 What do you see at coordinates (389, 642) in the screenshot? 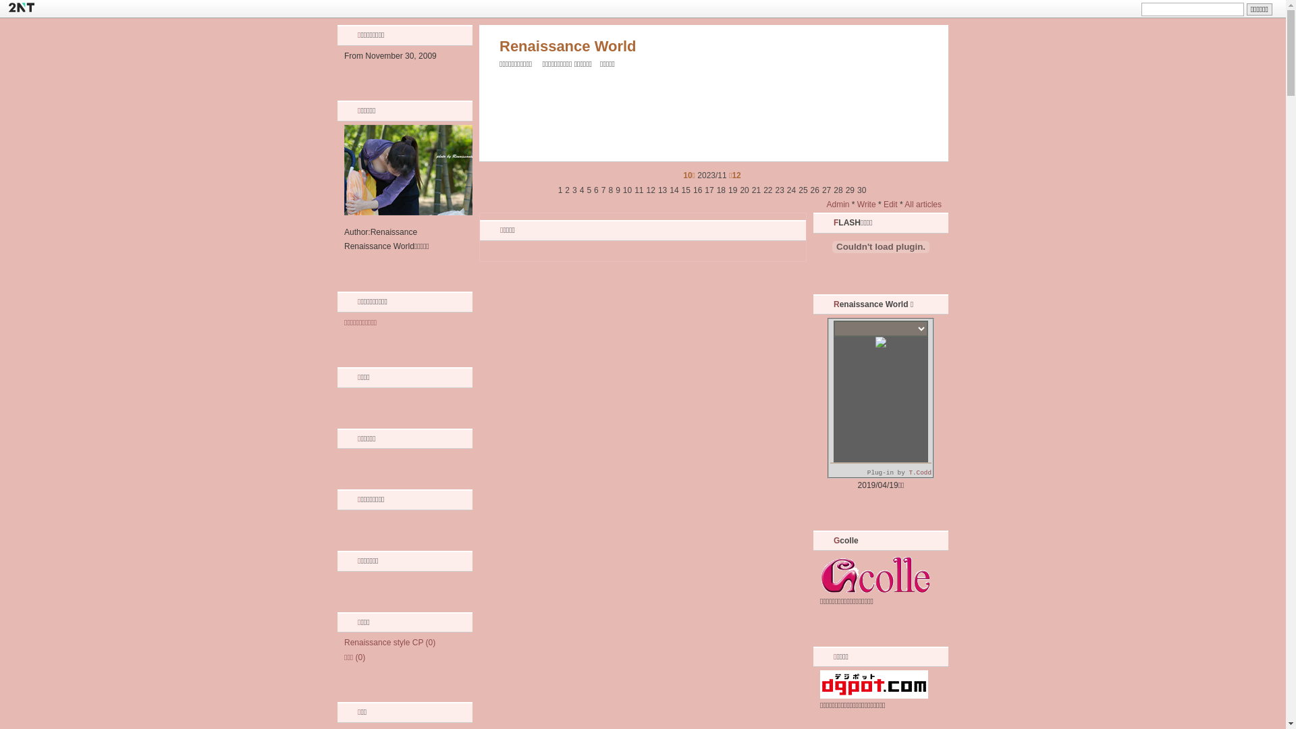
I see `'Renaissance style CP (0)'` at bounding box center [389, 642].